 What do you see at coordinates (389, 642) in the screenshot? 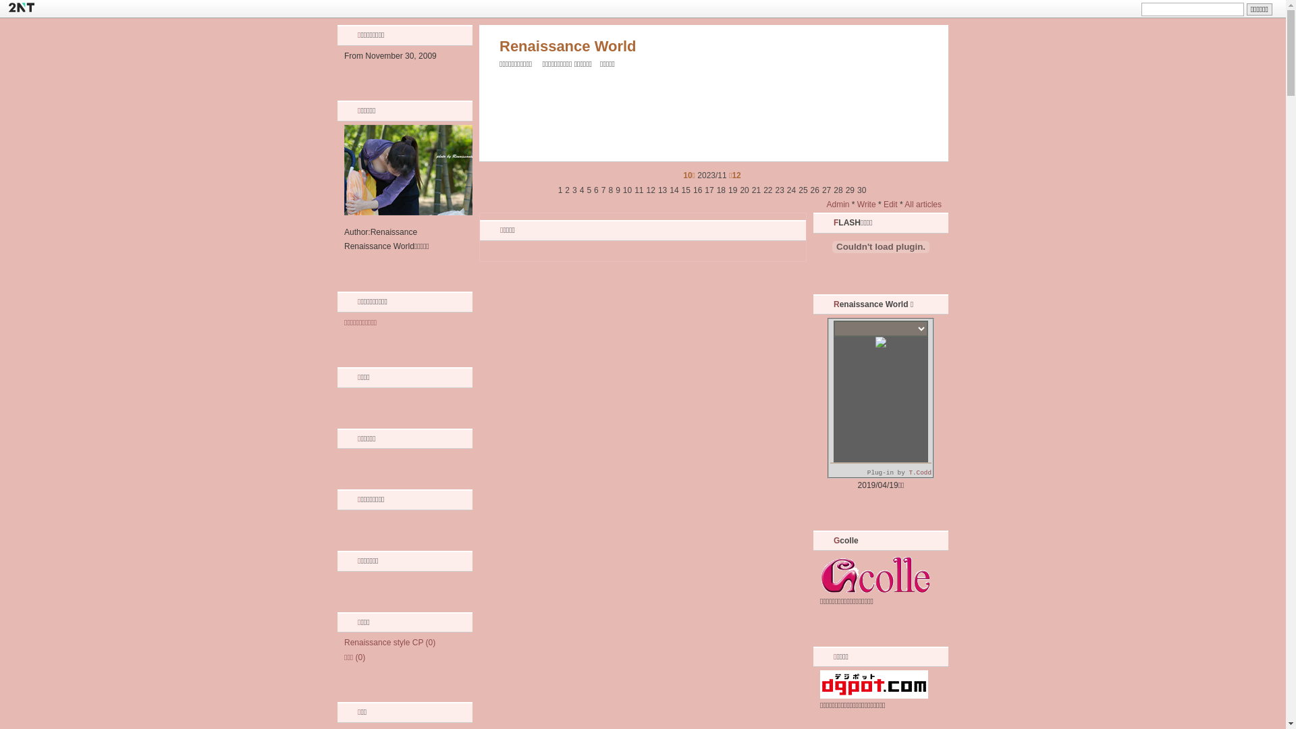
I see `'Renaissance style CP (0)'` at bounding box center [389, 642].